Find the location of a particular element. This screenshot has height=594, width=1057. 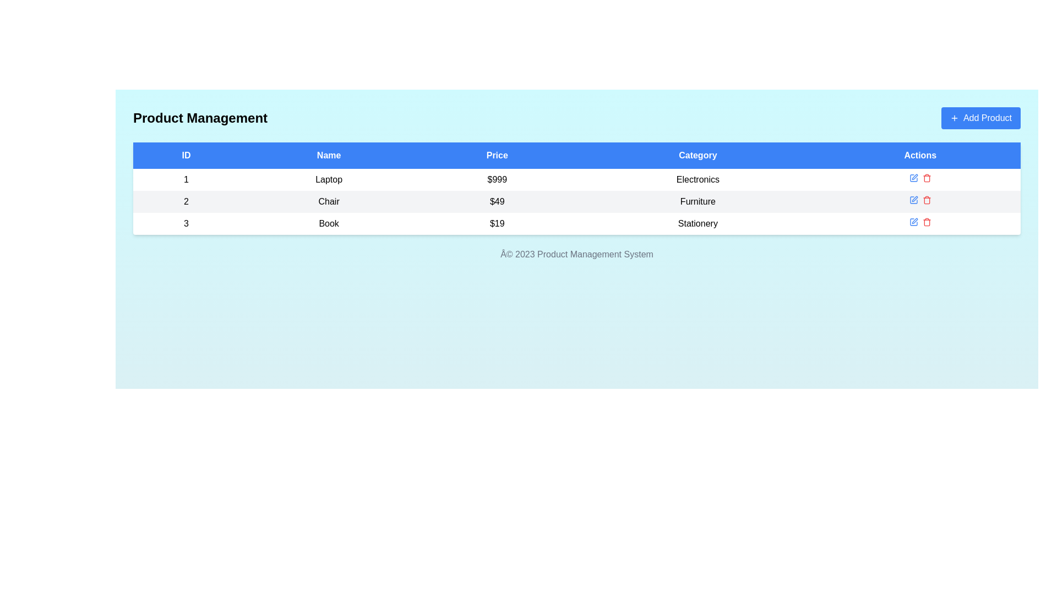

the header cell for the 'ID' column in the table, which is the first header cell at the top left of the table is located at coordinates (186, 155).